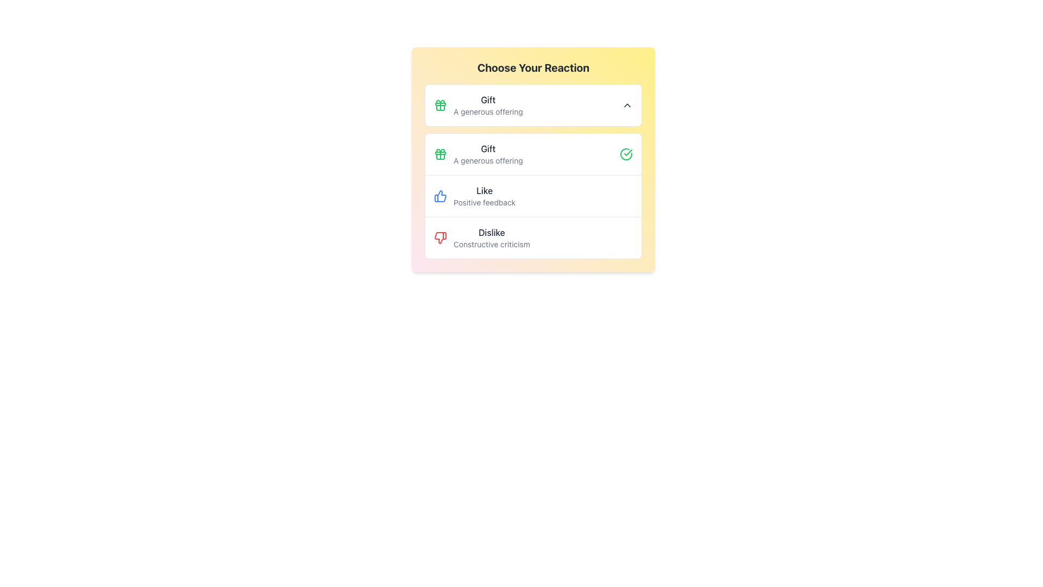 This screenshot has height=587, width=1043. I want to click on the text label displaying the word 'Gift', which is styled with a medium font-weight and dark gray color, located at the top of the selection items in the UI, so click(487, 100).